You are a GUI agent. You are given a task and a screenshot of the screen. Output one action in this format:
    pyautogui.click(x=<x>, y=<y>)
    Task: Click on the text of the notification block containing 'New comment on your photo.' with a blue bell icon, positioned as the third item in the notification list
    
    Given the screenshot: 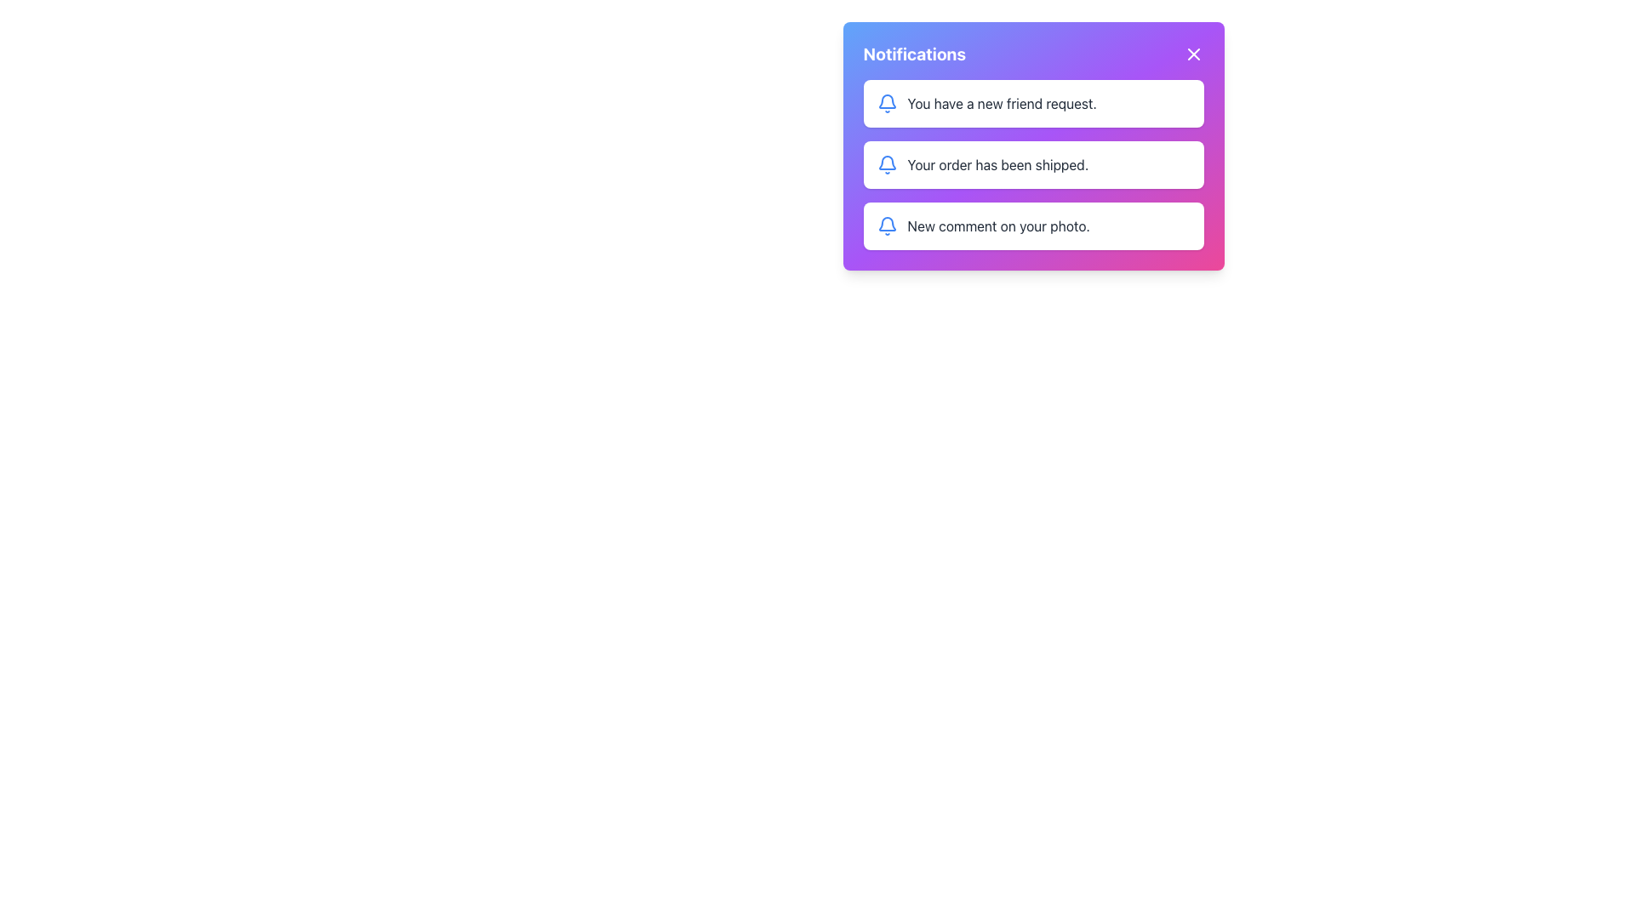 What is the action you would take?
    pyautogui.click(x=1032, y=225)
    